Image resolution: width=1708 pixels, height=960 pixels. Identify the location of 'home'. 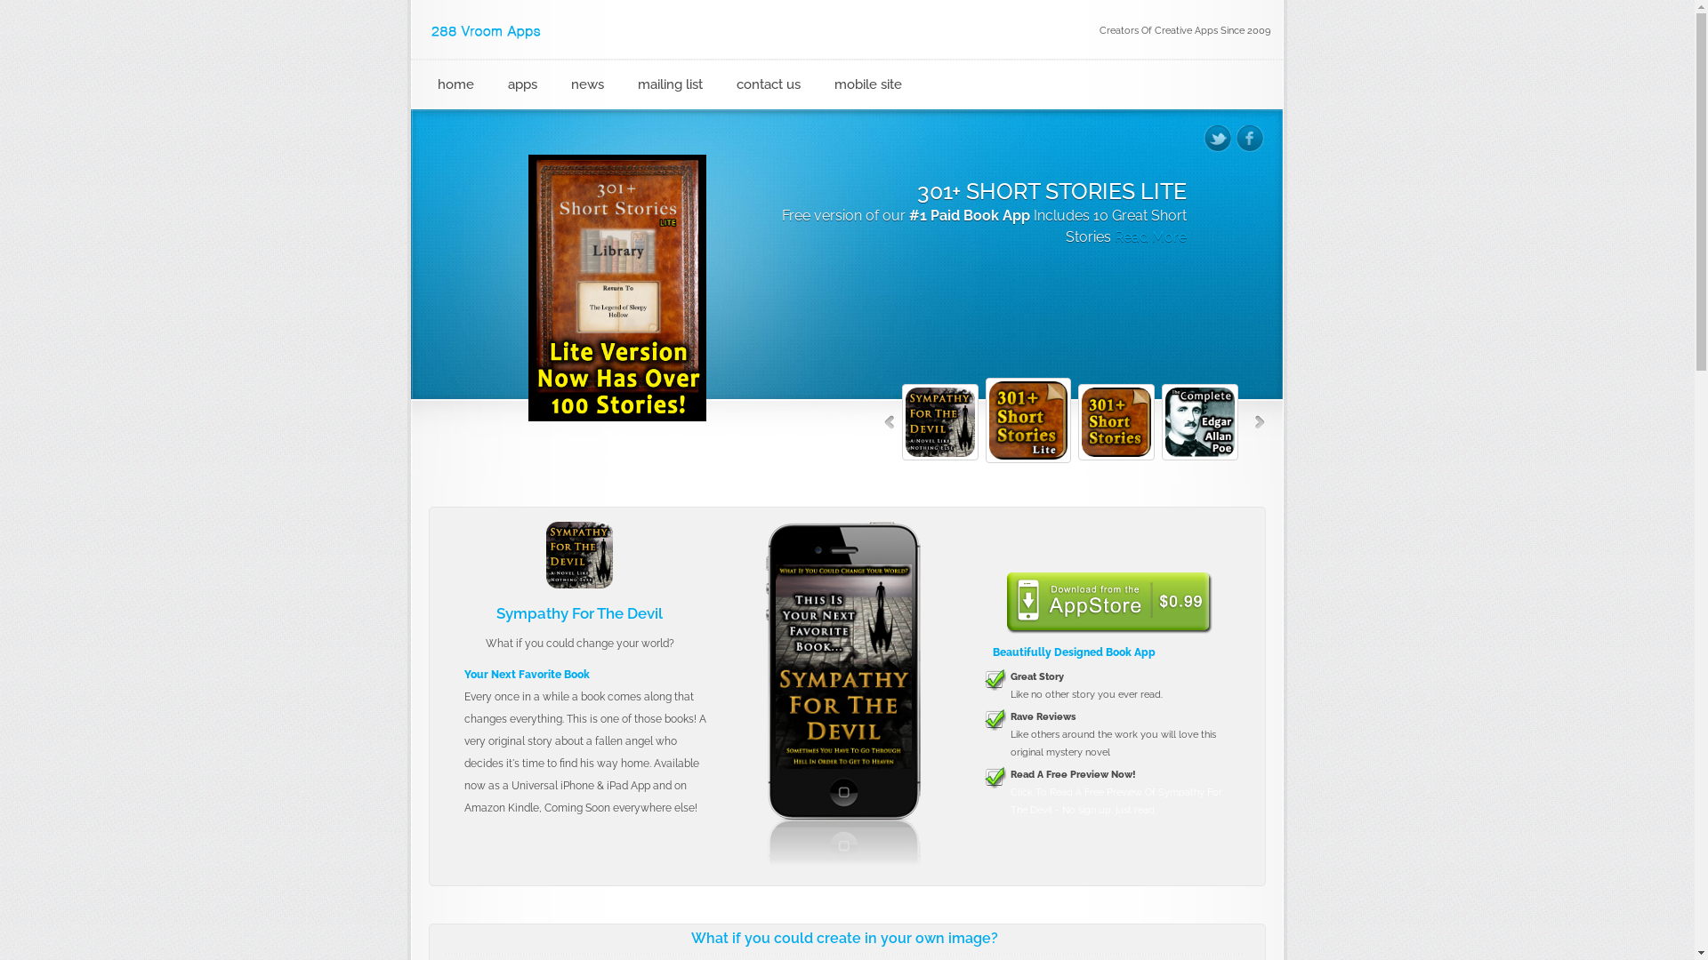
(430, 84).